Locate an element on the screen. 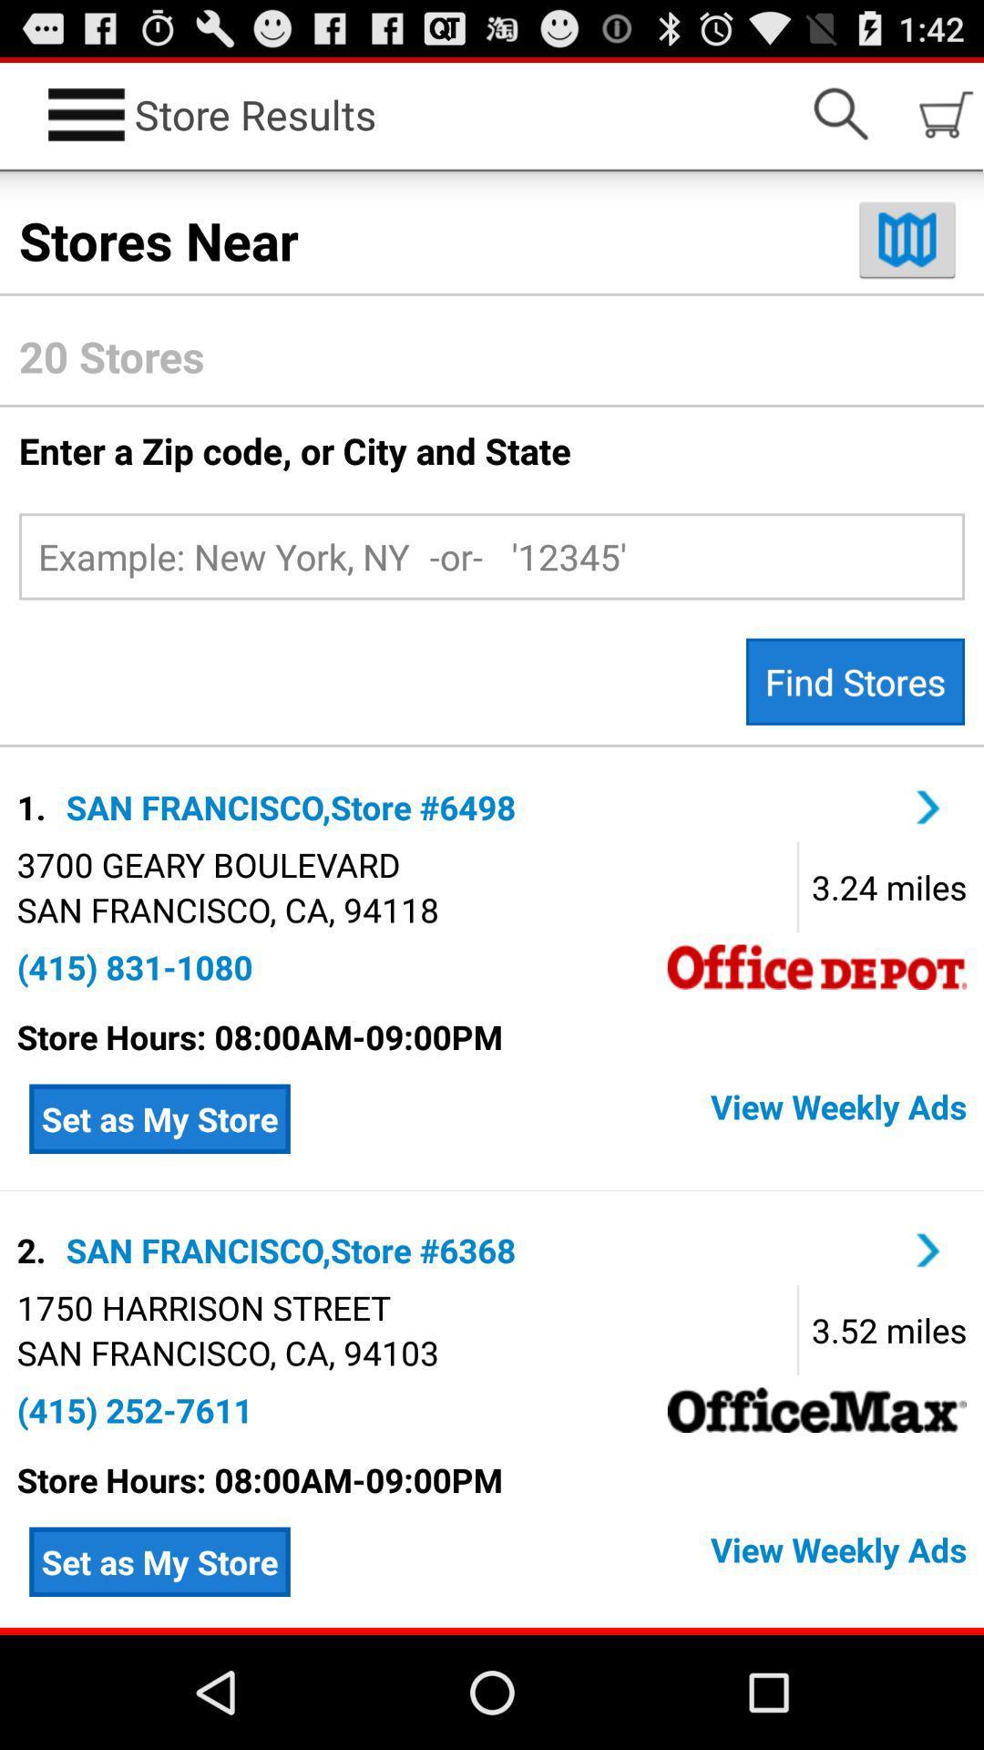  find stores app is located at coordinates (855, 681).